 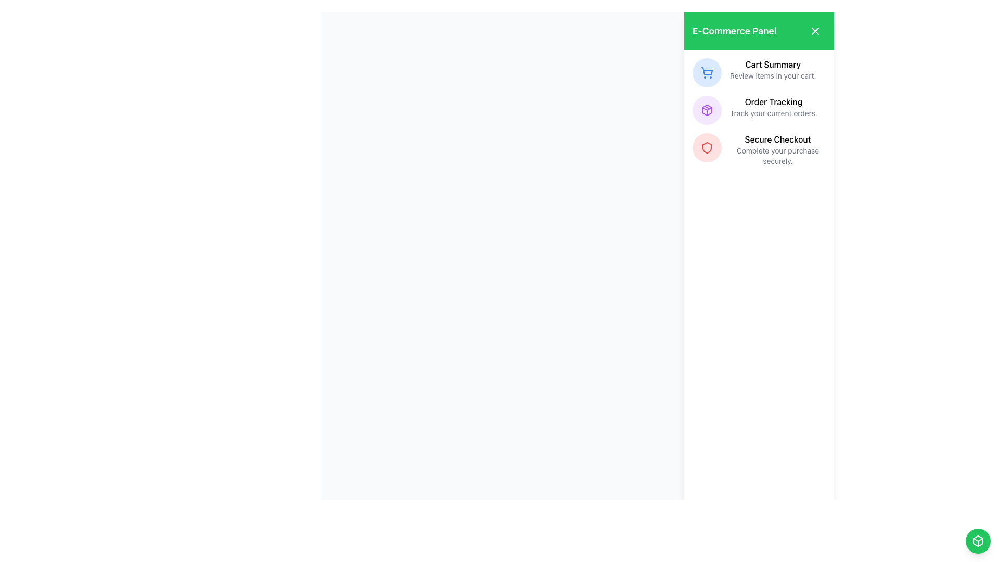 What do you see at coordinates (773, 107) in the screenshot?
I see `the 'Order Tracking' text label located in the right-hand navigation panel, positioned below 'Cart Summary' and above 'Secure Checkout', and aligned to the right of a purple circular icon` at bounding box center [773, 107].